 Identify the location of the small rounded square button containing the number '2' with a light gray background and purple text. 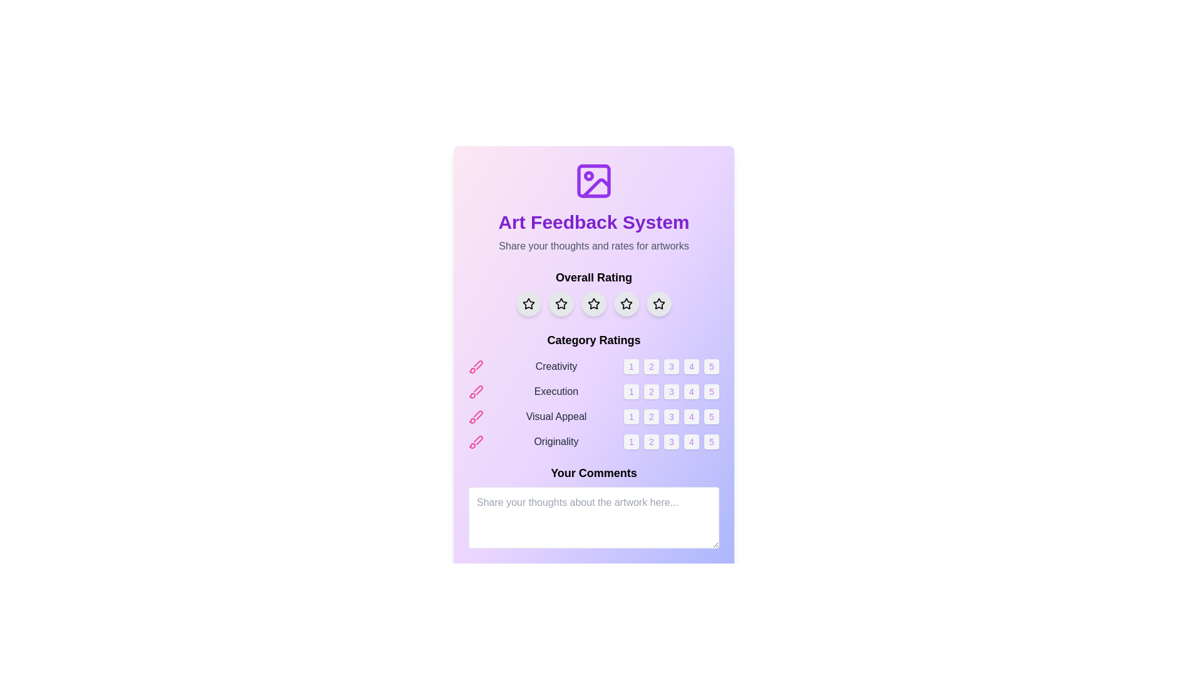
(652, 441).